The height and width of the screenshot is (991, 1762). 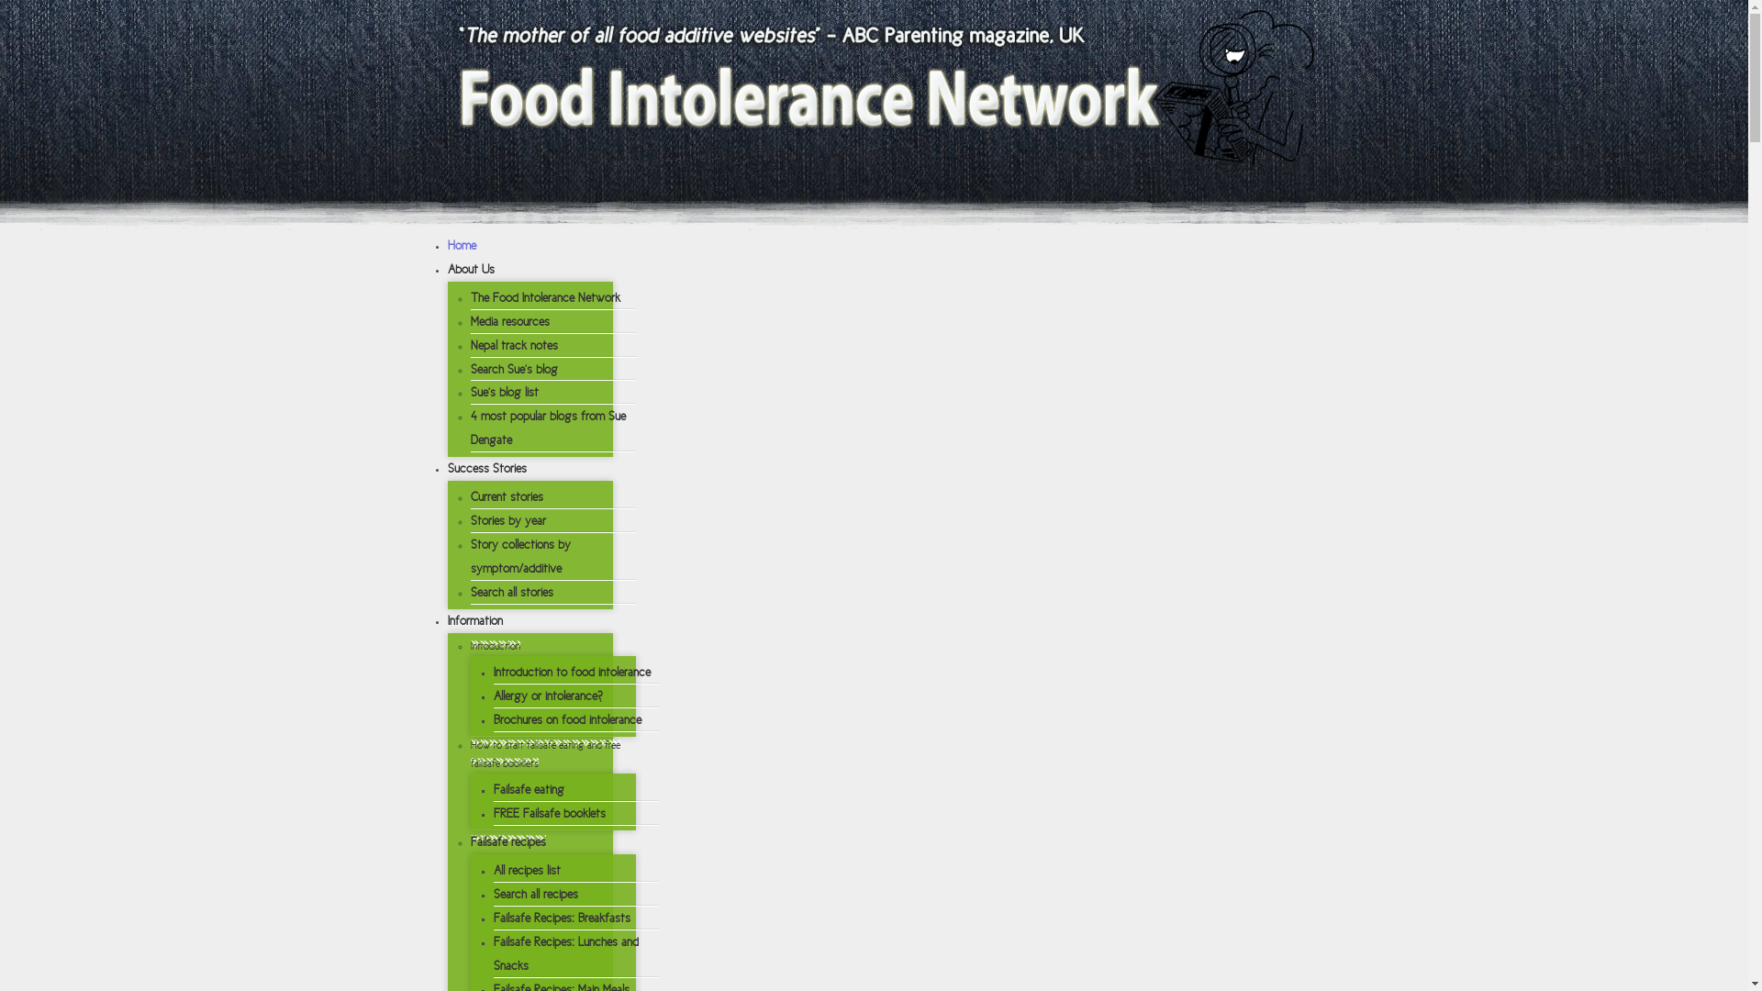 I want to click on 'Search all stories', so click(x=510, y=592).